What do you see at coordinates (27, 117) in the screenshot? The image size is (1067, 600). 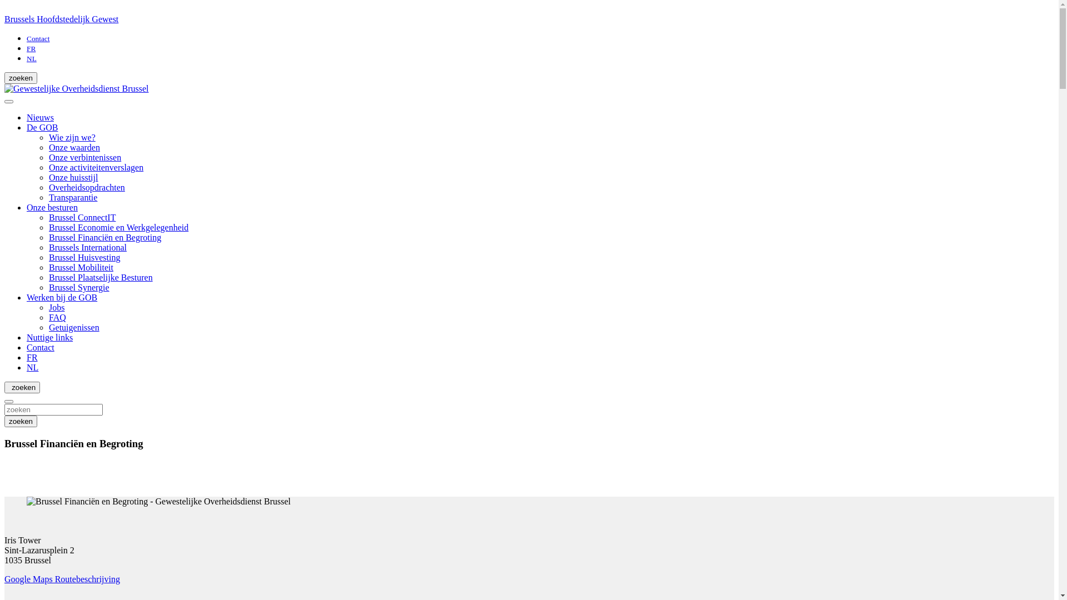 I see `'Nieuws'` at bounding box center [27, 117].